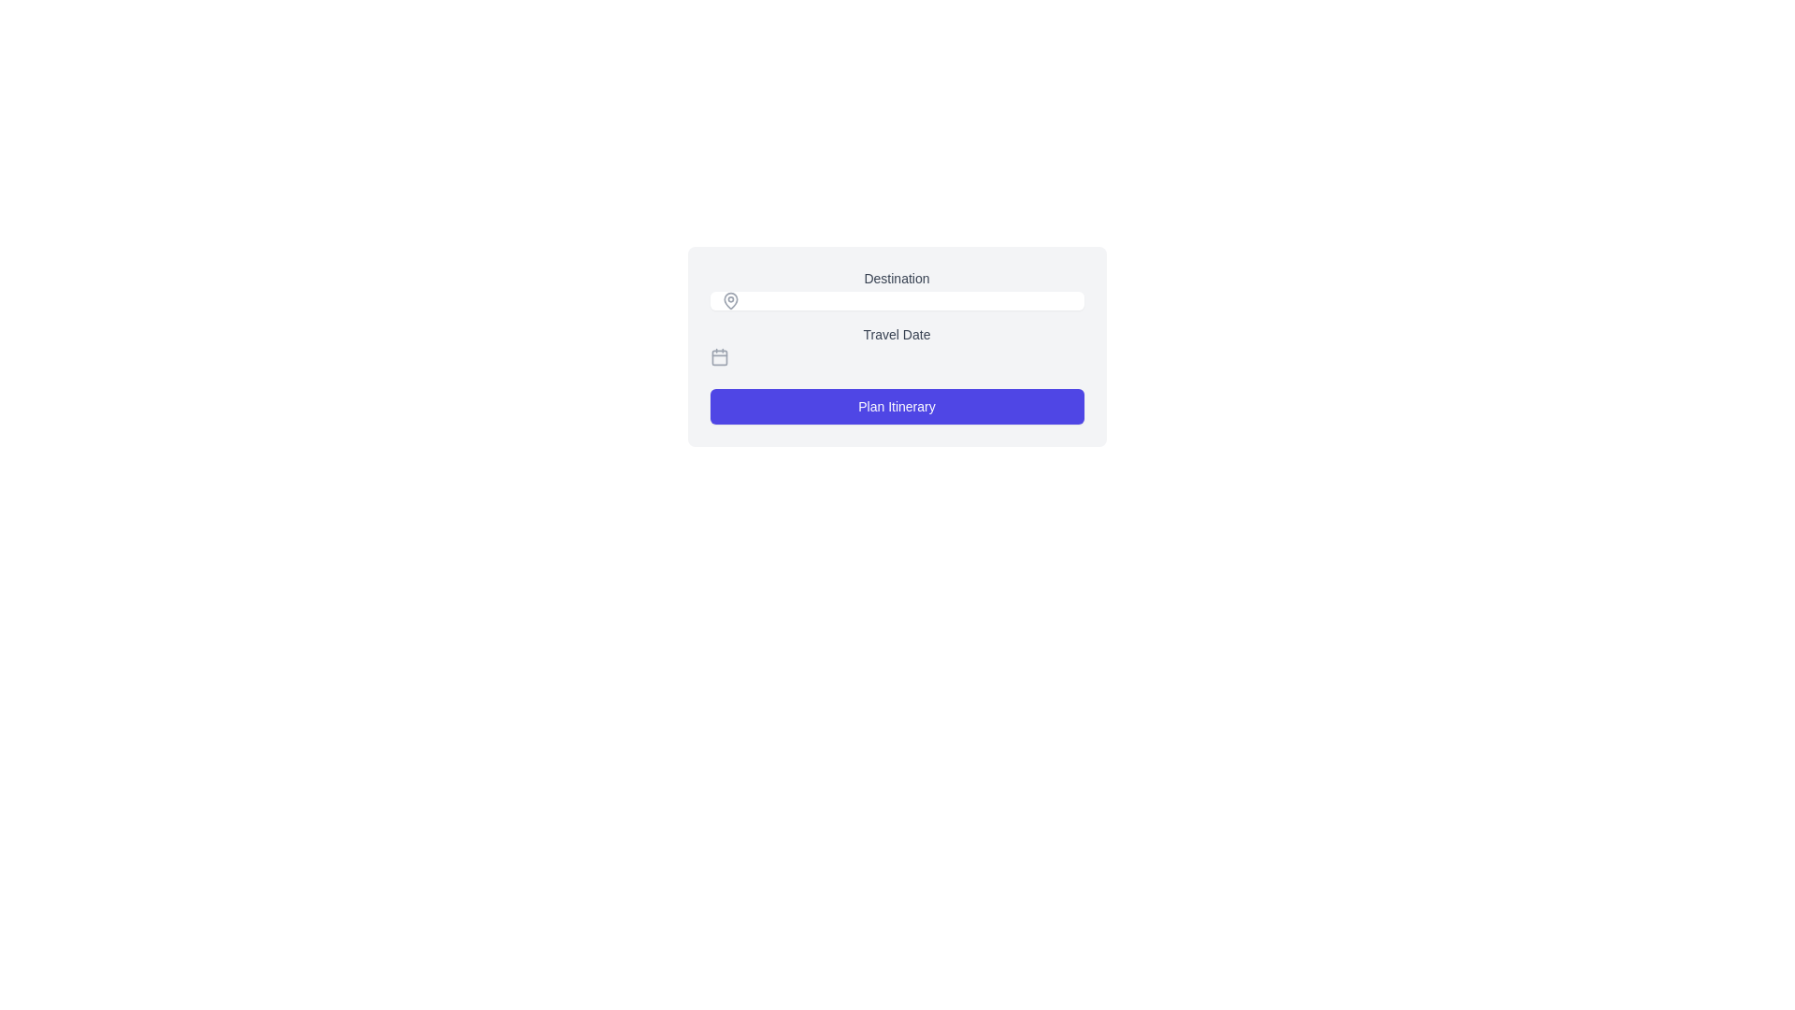  What do you see at coordinates (896, 289) in the screenshot?
I see `the 'Destination' text label which is styled with a medium font size and appears in gray color, located at the top of a form-like section` at bounding box center [896, 289].